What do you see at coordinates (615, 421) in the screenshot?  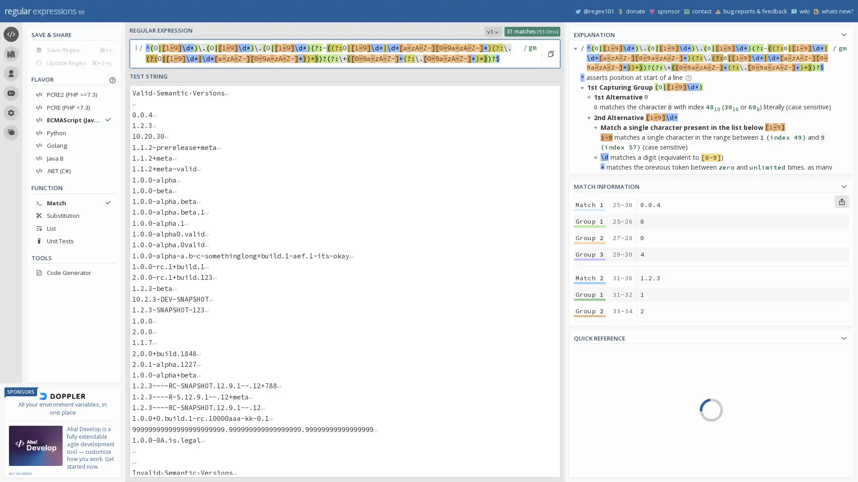 I see `Meta Sequences` at bounding box center [615, 421].